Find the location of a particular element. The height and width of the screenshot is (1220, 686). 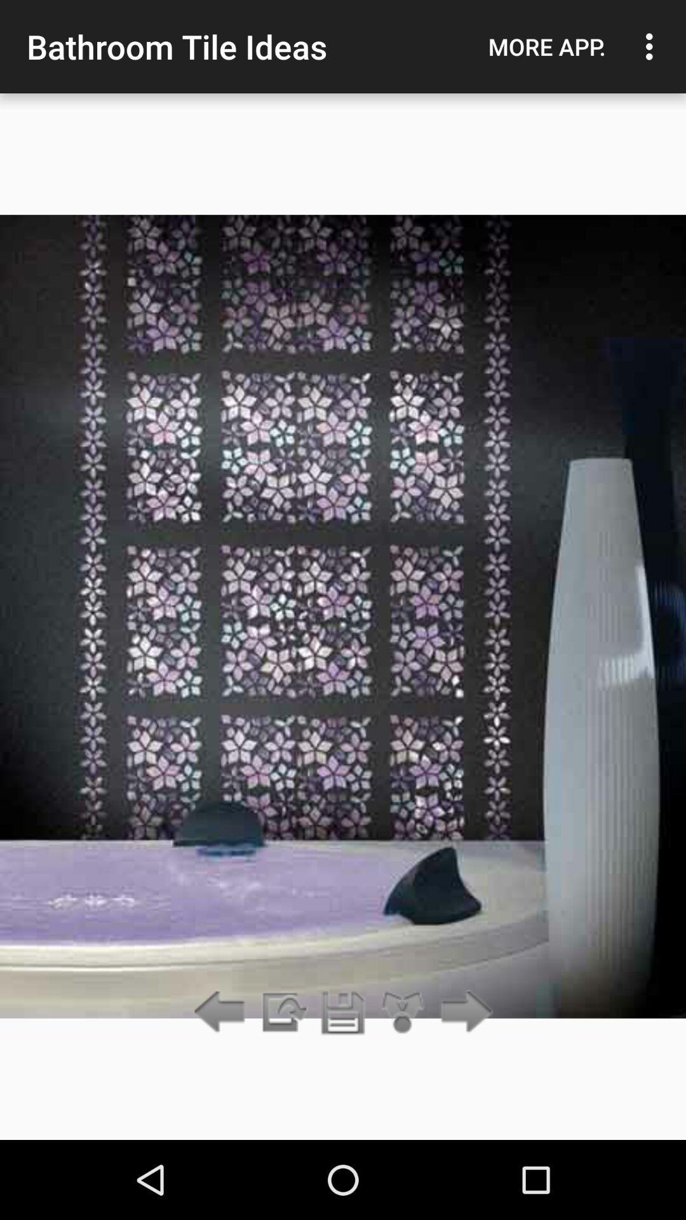

item to the right of the more app. item is located at coordinates (652, 46).